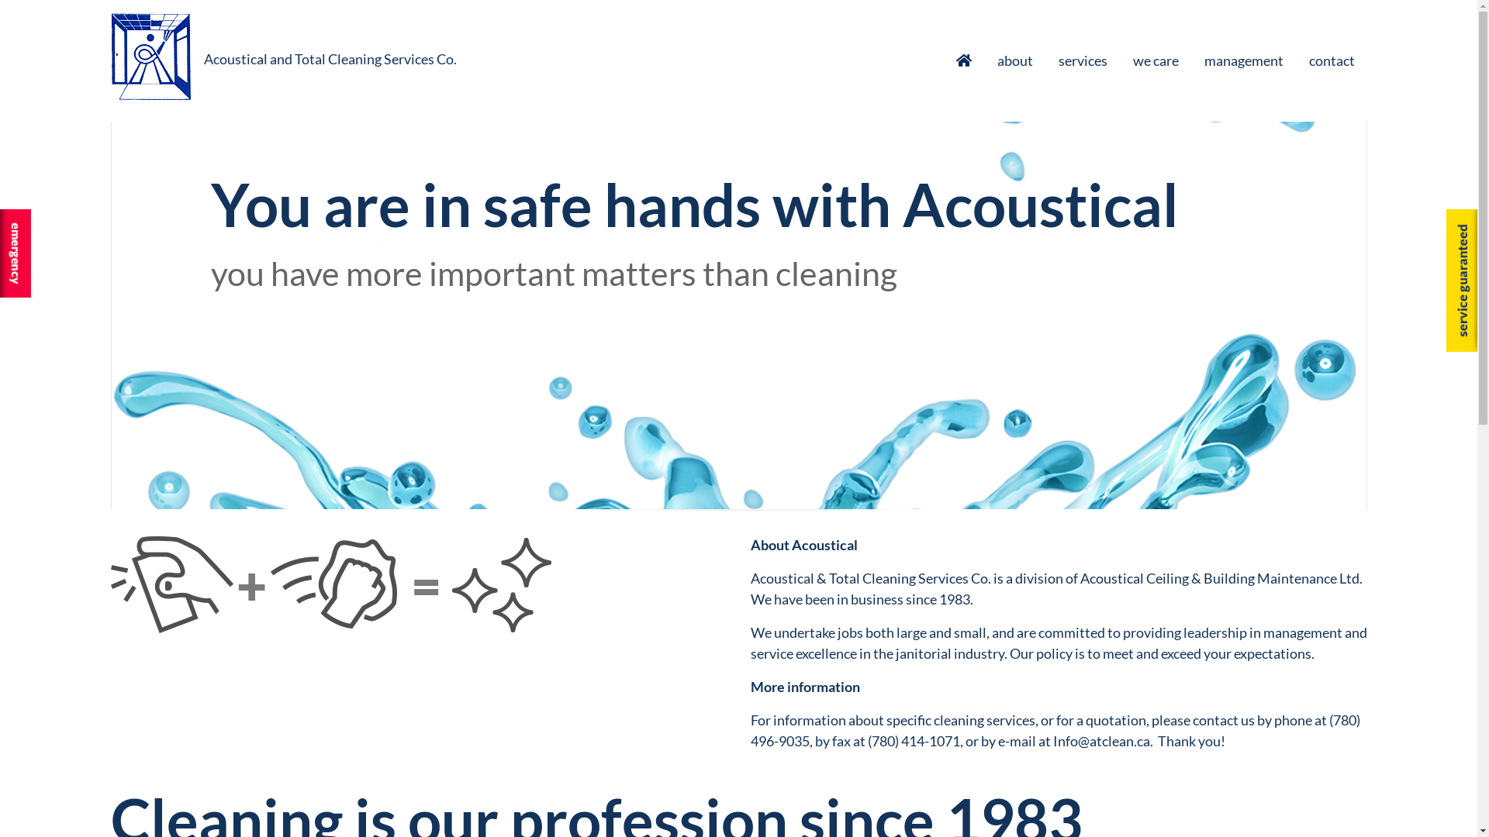 This screenshot has height=837, width=1489. I want to click on 'about', so click(1015, 60).